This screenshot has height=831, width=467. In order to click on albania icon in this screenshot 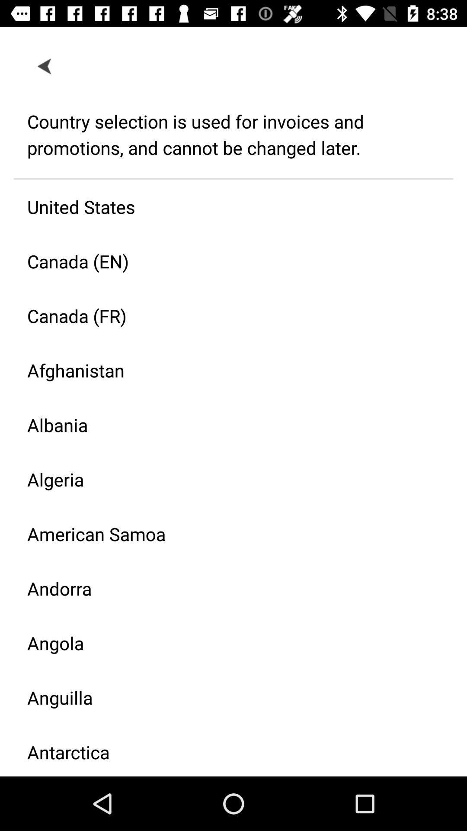, I will do `click(226, 425)`.